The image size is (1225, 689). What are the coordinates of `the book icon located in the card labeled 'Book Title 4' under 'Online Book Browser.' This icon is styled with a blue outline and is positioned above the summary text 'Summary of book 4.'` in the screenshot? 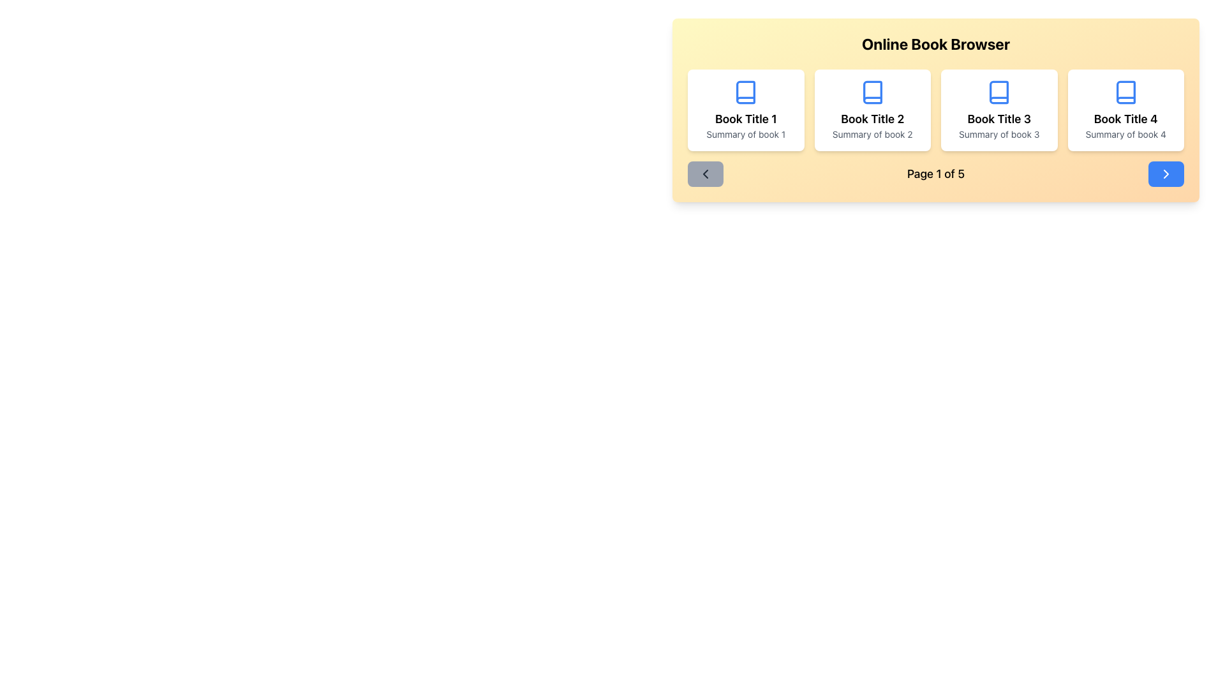 It's located at (1125, 92).